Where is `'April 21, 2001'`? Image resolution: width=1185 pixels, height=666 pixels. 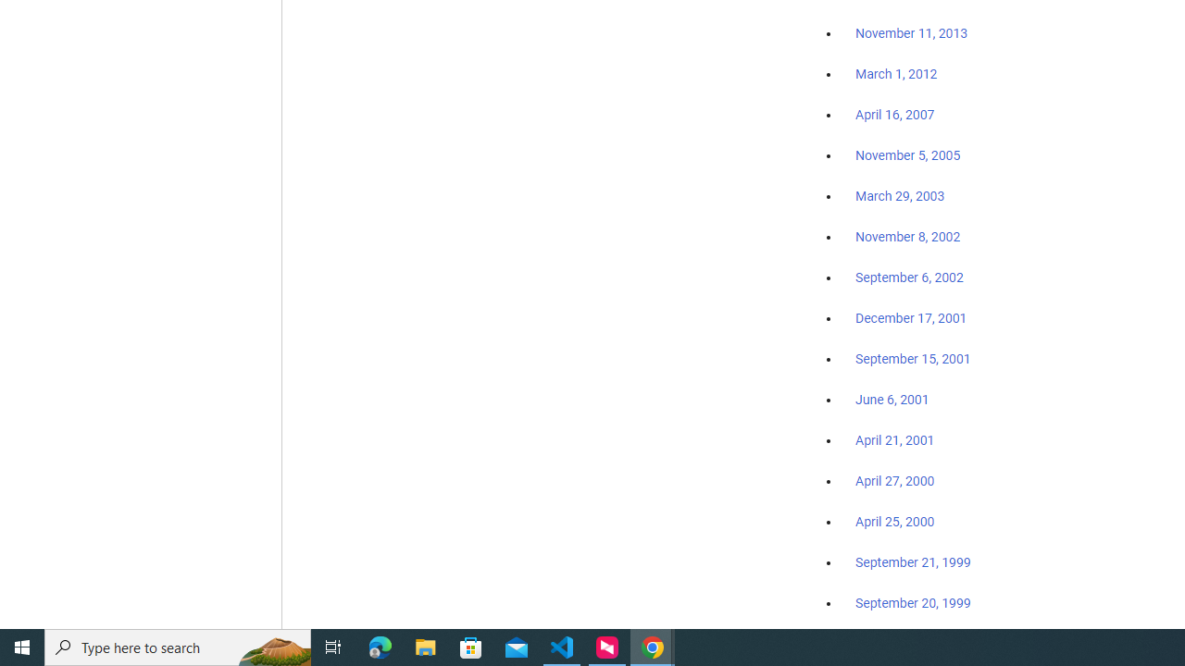
'April 21, 2001' is located at coordinates (895, 440).